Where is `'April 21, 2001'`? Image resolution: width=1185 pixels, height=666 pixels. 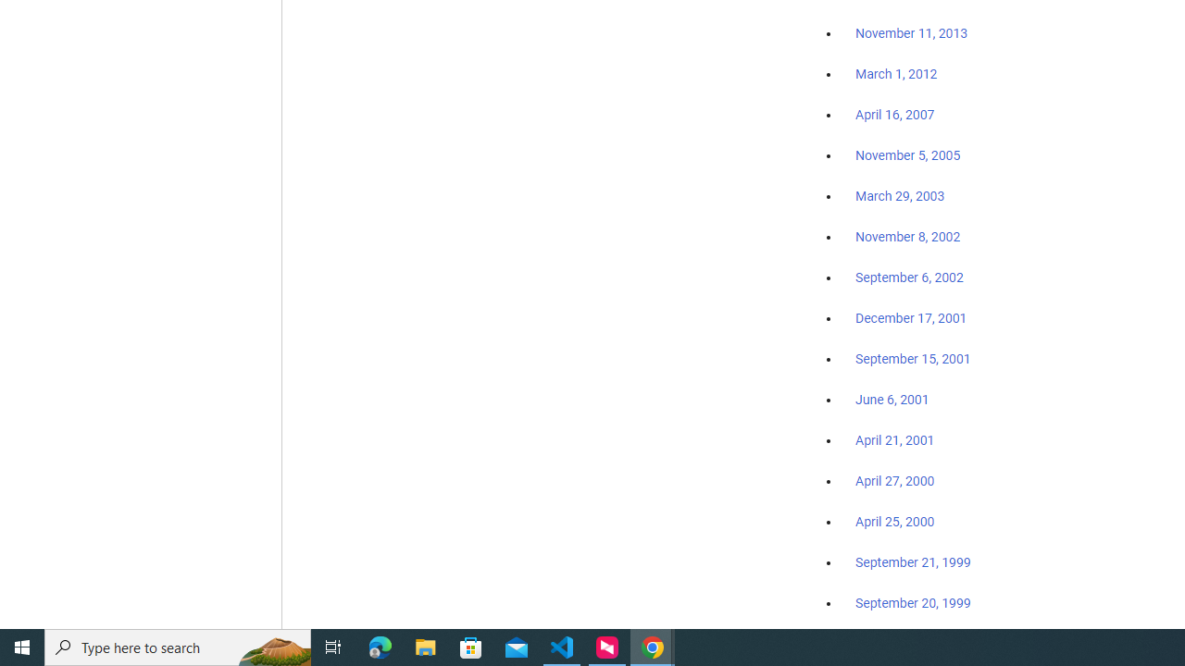
'April 21, 2001' is located at coordinates (895, 440).